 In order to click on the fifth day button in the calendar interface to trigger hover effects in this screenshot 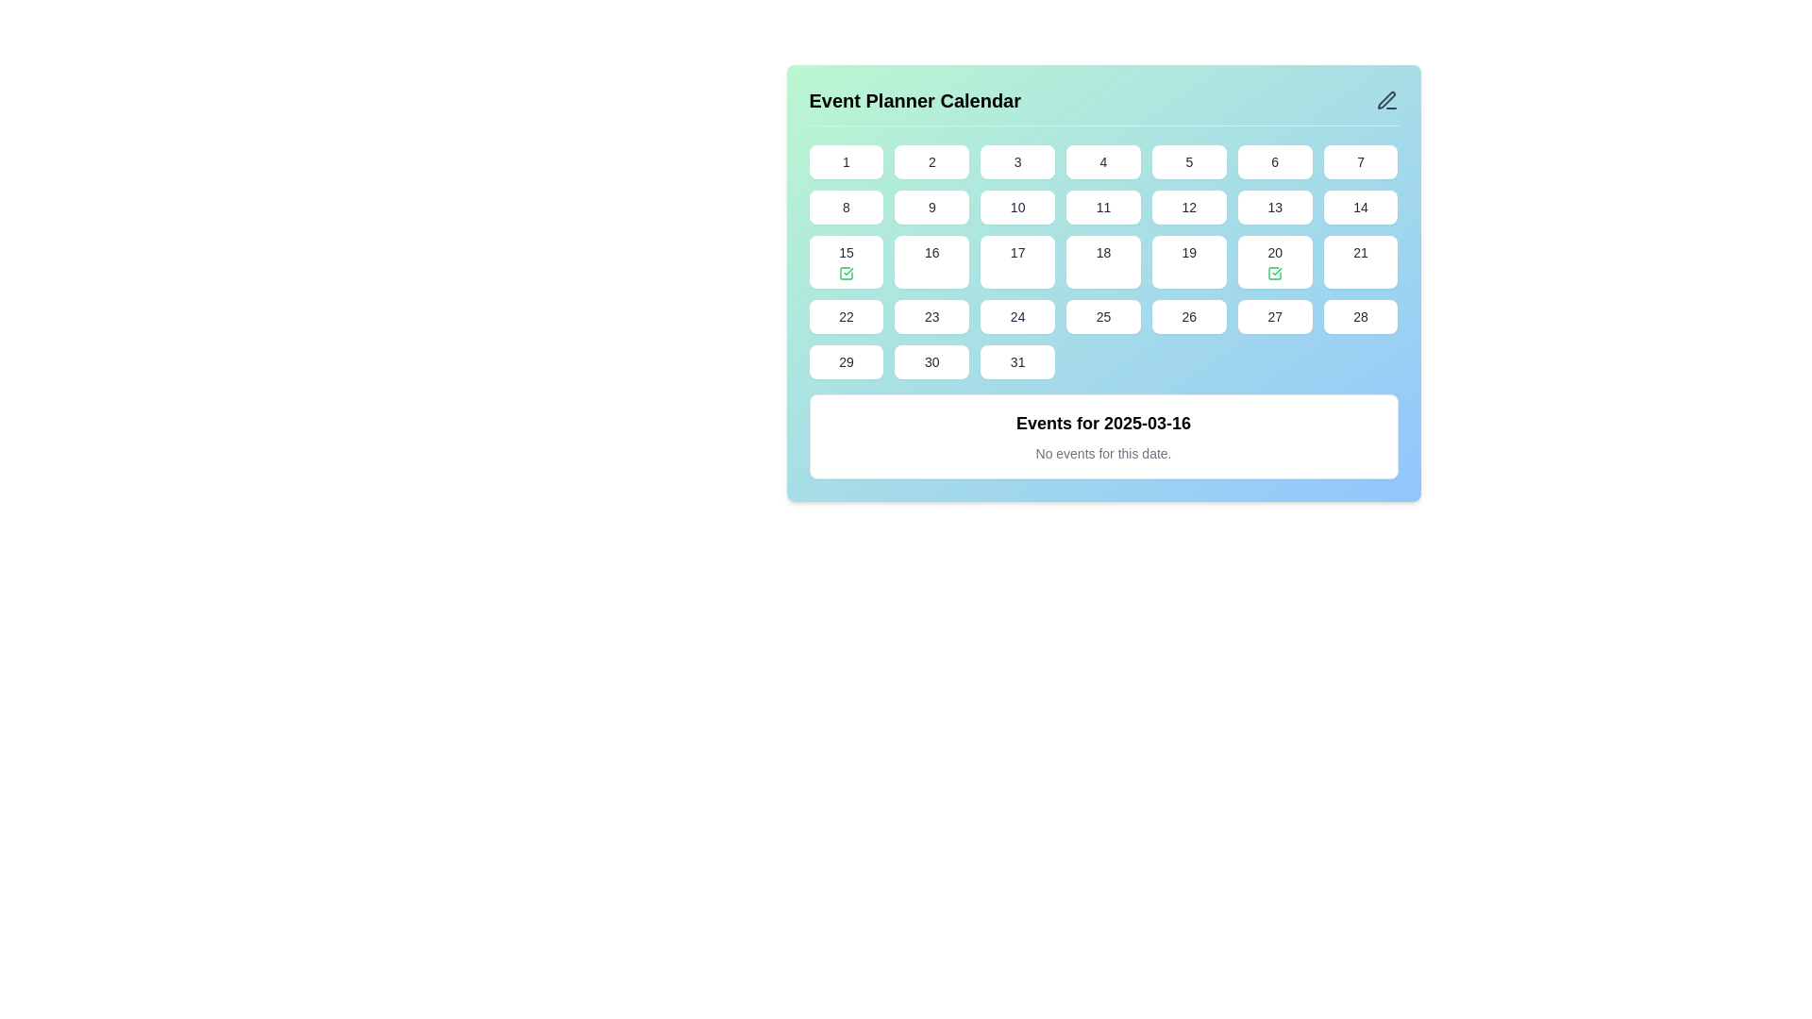, I will do `click(1188, 161)`.